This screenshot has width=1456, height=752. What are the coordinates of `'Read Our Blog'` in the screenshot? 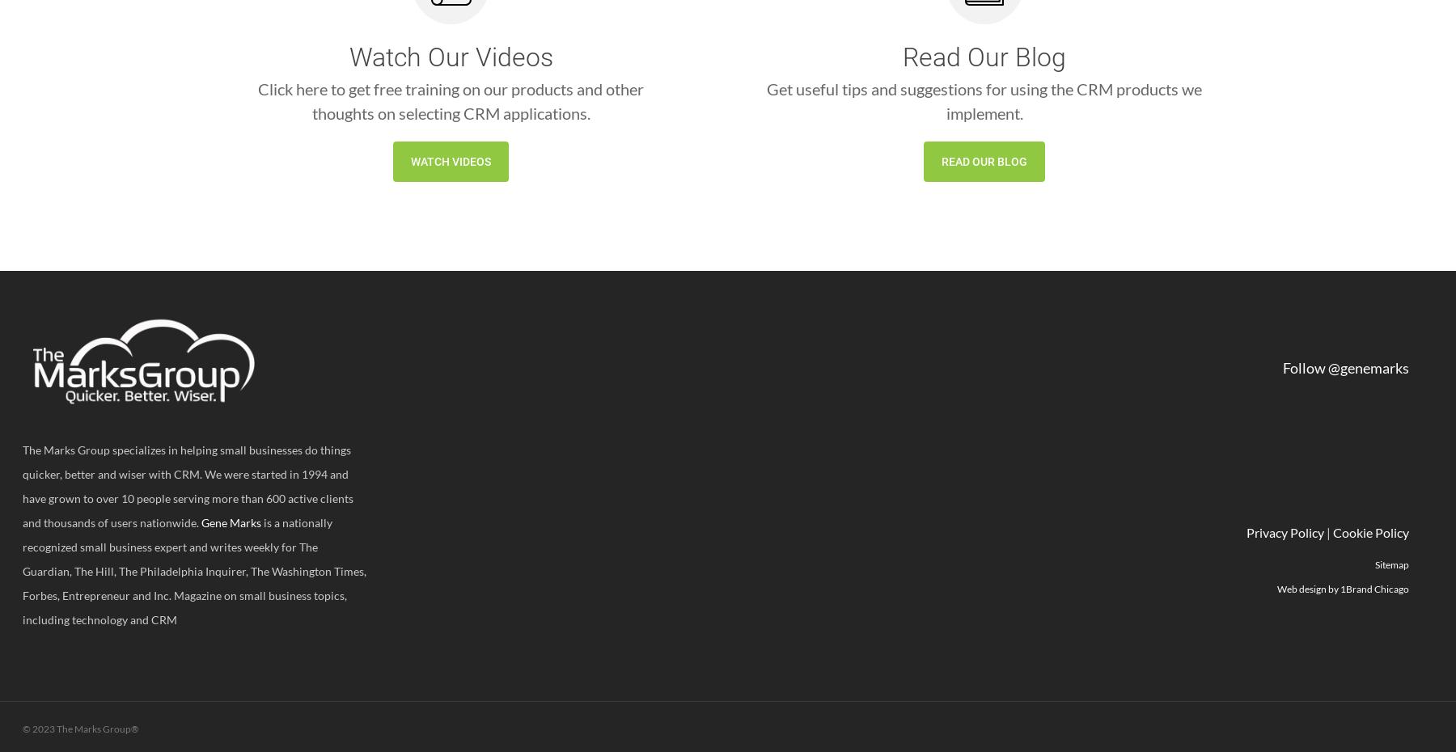 It's located at (983, 56).